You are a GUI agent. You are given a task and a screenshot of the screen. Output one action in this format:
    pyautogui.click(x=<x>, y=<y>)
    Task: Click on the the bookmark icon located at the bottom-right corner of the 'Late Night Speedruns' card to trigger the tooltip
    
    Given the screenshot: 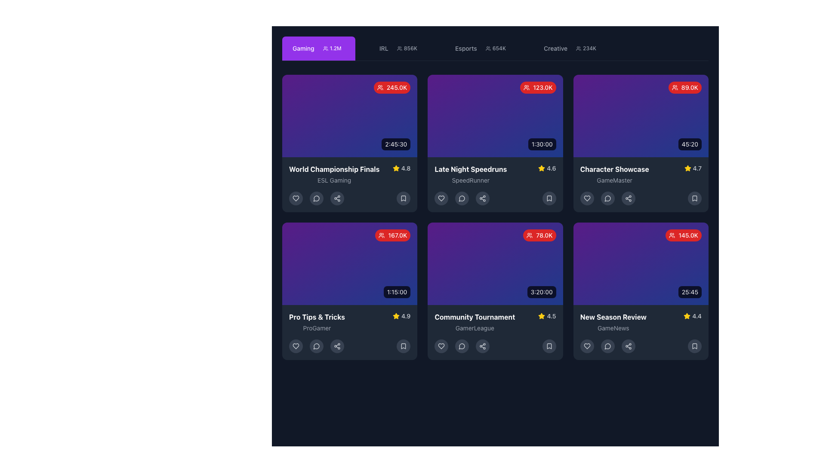 What is the action you would take?
    pyautogui.click(x=549, y=198)
    